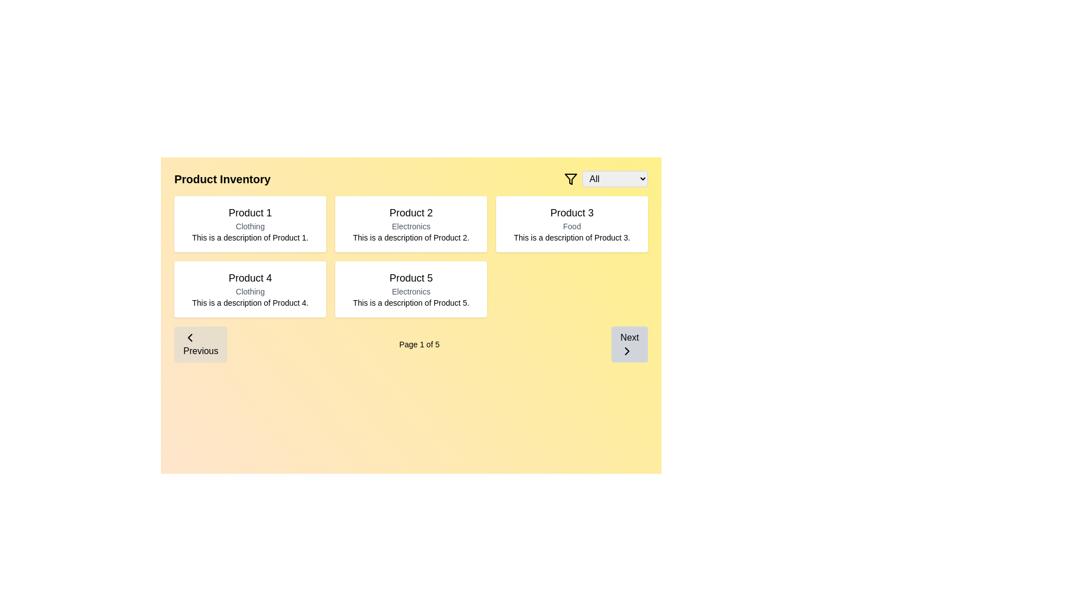 The height and width of the screenshot is (607, 1080). What do you see at coordinates (410, 291) in the screenshot?
I see `the 'Electronics' text label that categorizes 'Product 5', positioned above its description` at bounding box center [410, 291].